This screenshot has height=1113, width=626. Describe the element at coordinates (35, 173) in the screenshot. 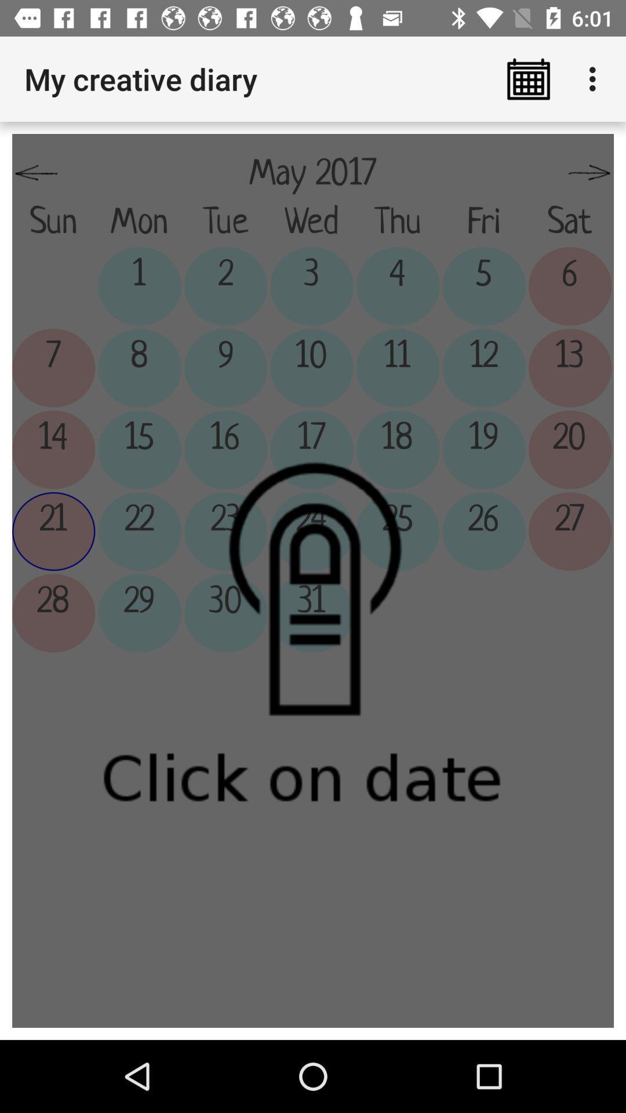

I see `the item above the sun item` at that location.